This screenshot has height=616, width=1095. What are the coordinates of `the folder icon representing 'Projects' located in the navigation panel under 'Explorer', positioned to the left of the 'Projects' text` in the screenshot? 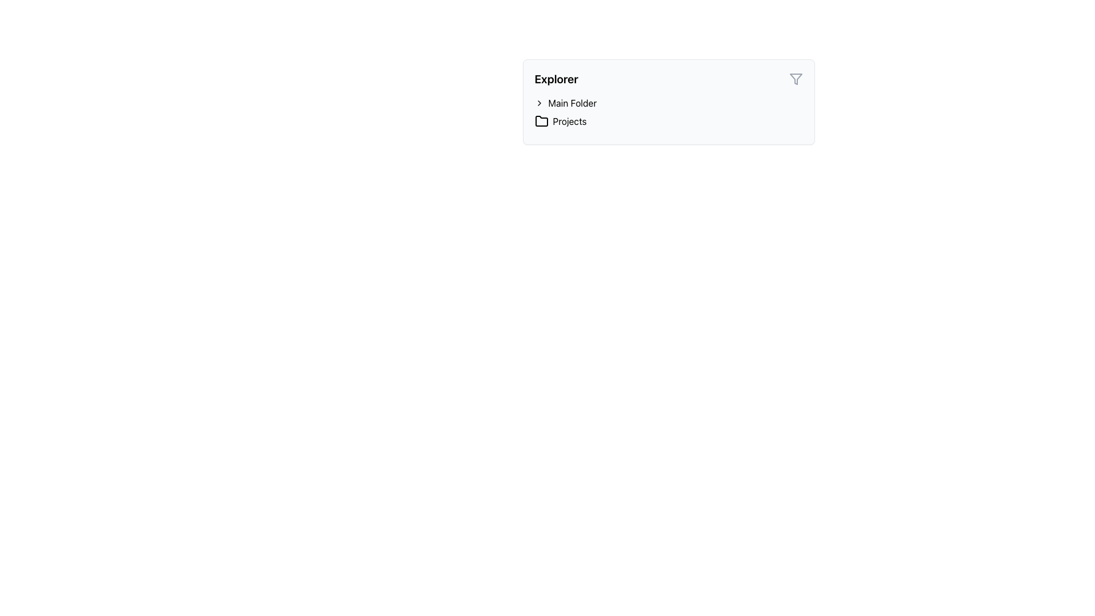 It's located at (541, 121).